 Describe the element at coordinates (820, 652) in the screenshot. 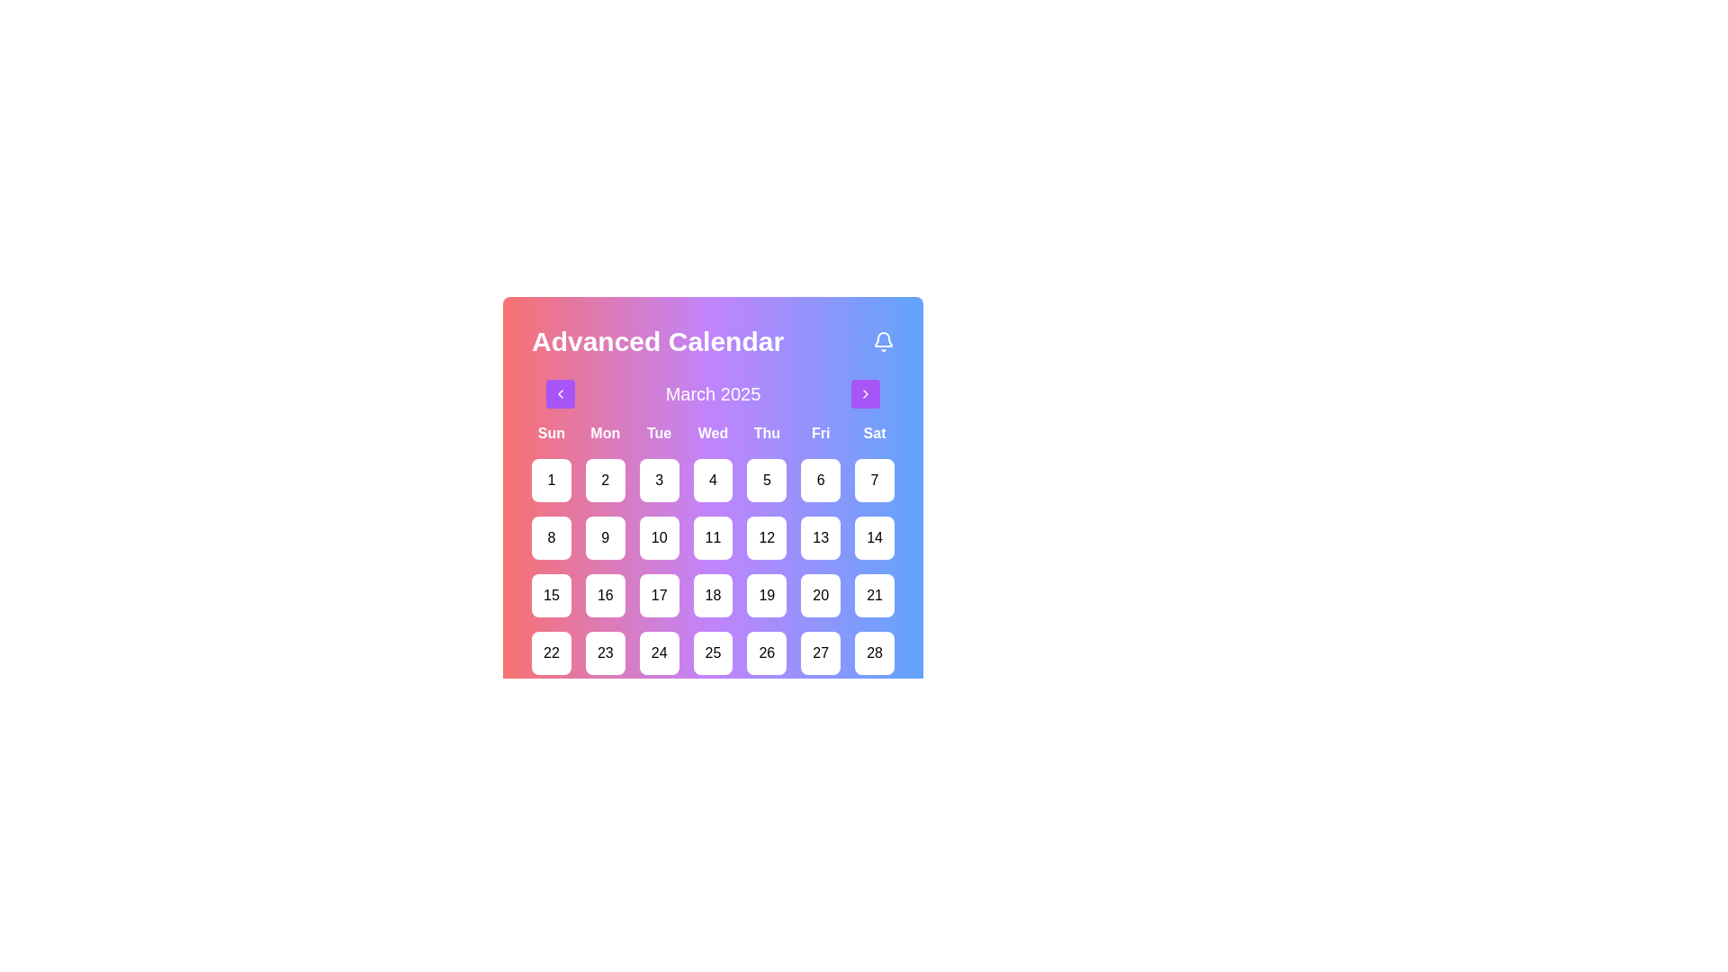

I see `the button representing the 27th day in the calendar, located in the sixth column and fifth row of the grid layout` at that location.